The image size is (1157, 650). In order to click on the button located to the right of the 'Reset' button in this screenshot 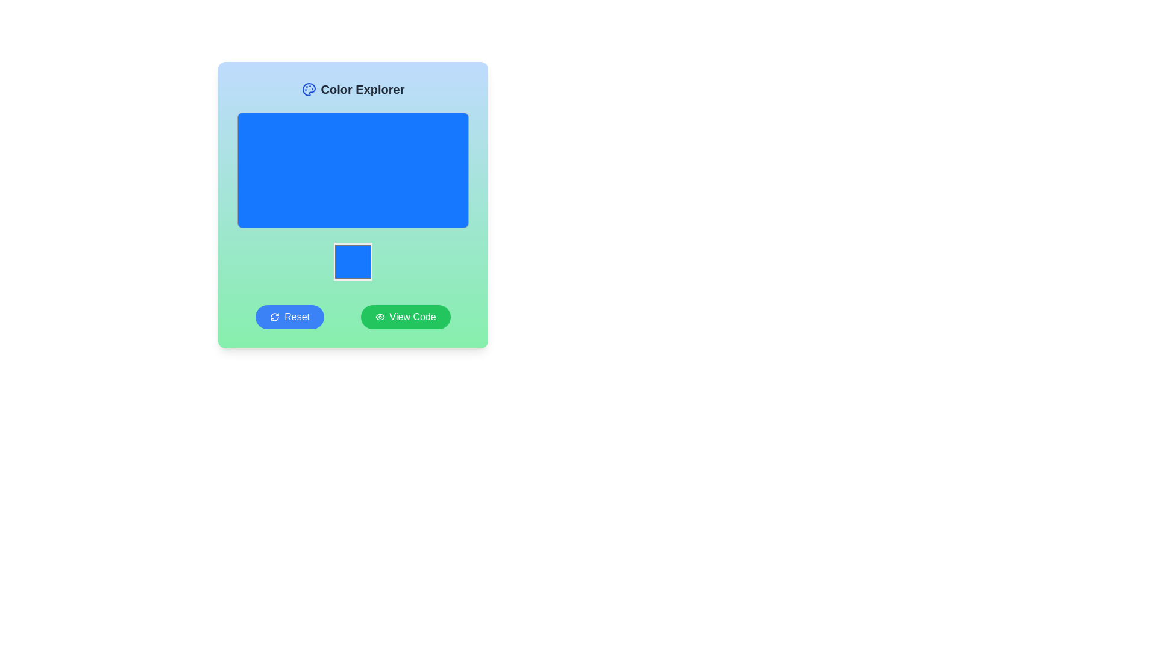, I will do `click(406, 317)`.